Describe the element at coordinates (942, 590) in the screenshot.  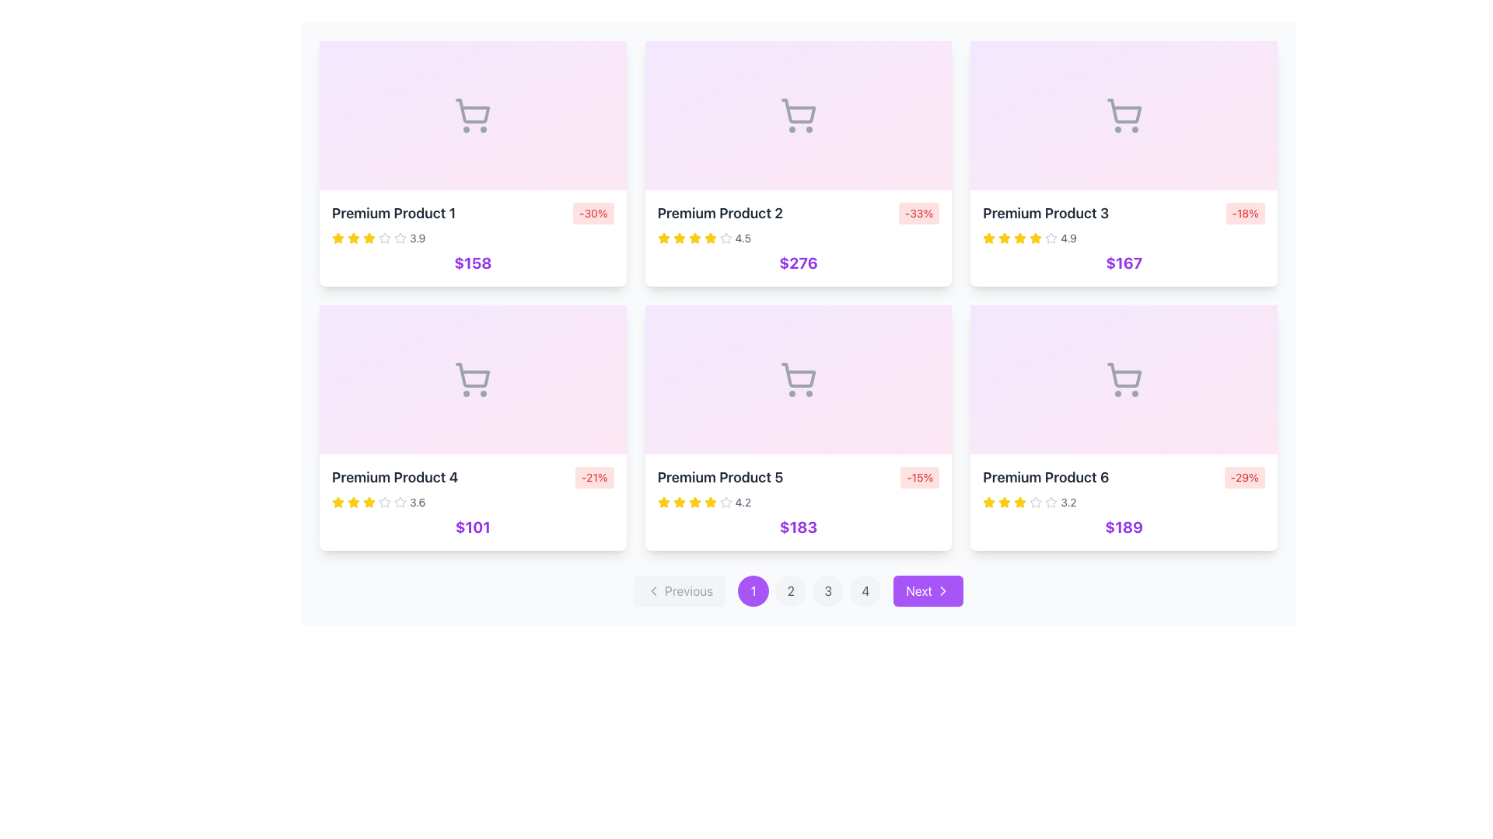
I see `the rightwards chevron SVG icon located to the right side of the 'Next' button` at that location.